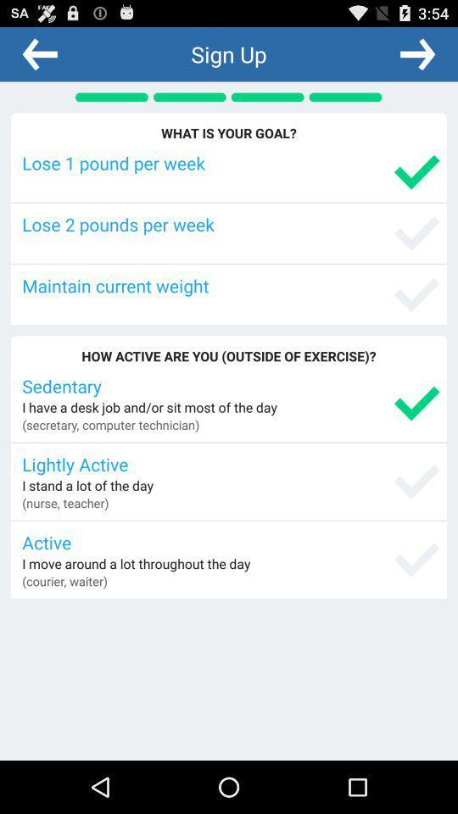  I want to click on (nurse, teacher), so click(64, 503).